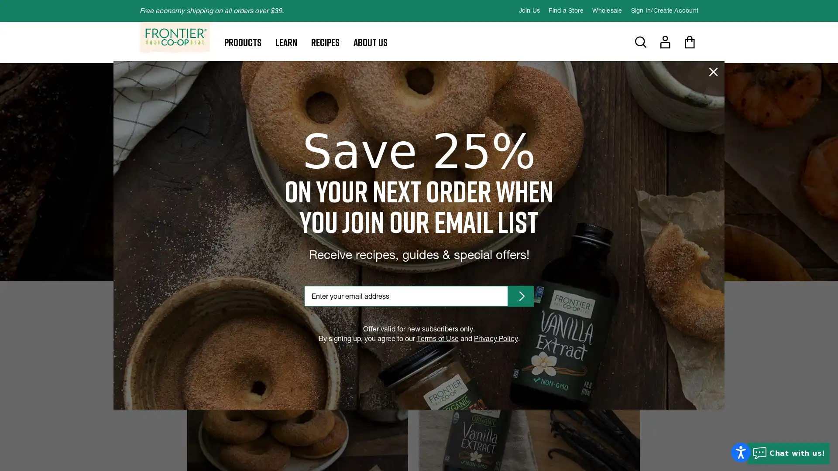 The height and width of the screenshot is (471, 838). Describe the element at coordinates (371, 42) in the screenshot. I see `About Us` at that location.